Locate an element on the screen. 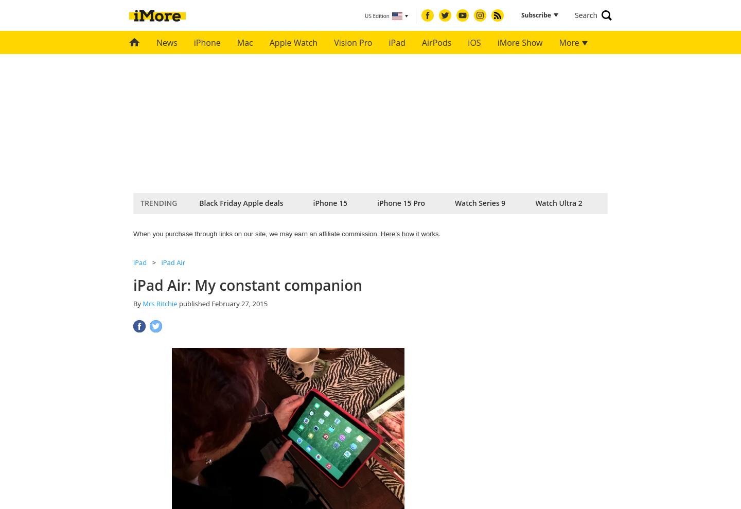 The image size is (741, 509). 'Mrs Ritchie' is located at coordinates (142, 303).